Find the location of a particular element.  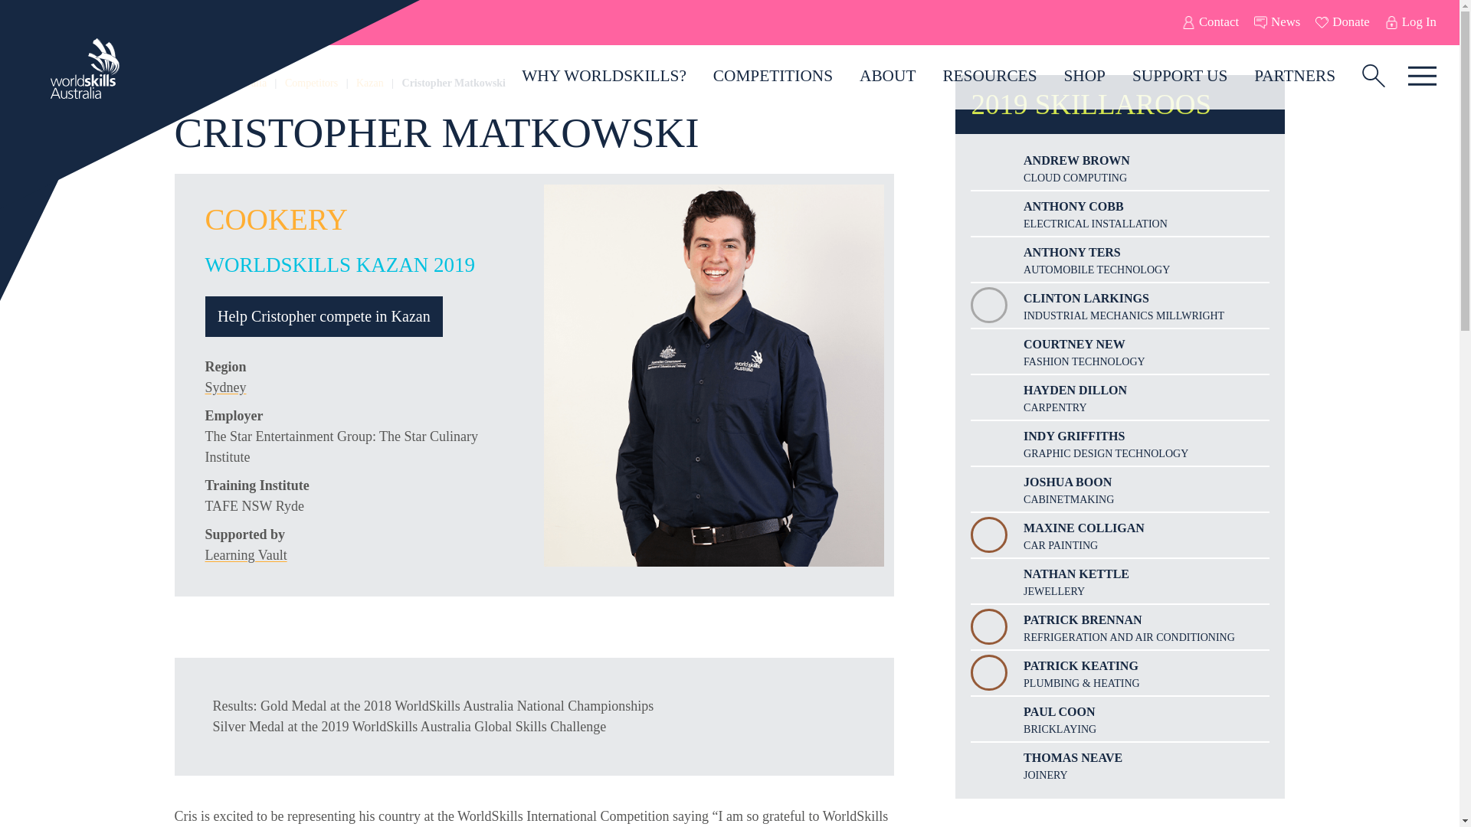

'Learning Vault' is located at coordinates (246, 555).